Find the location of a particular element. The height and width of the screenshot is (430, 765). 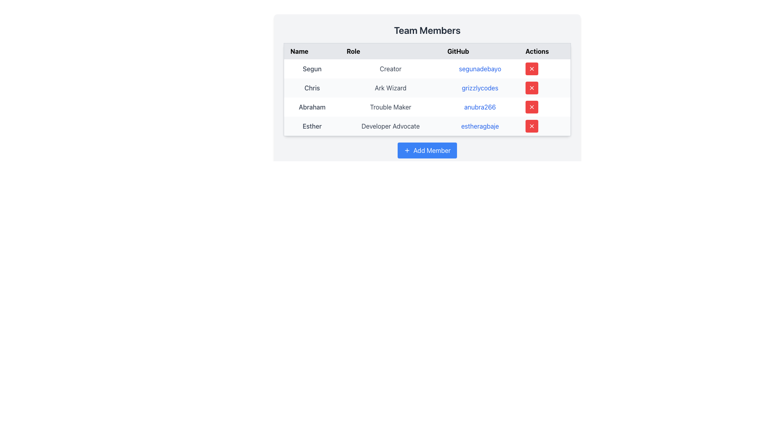

the text label displaying 'Developer Advocate' located in the 'Role' column of the table under the name 'Esther' is located at coordinates (390, 126).